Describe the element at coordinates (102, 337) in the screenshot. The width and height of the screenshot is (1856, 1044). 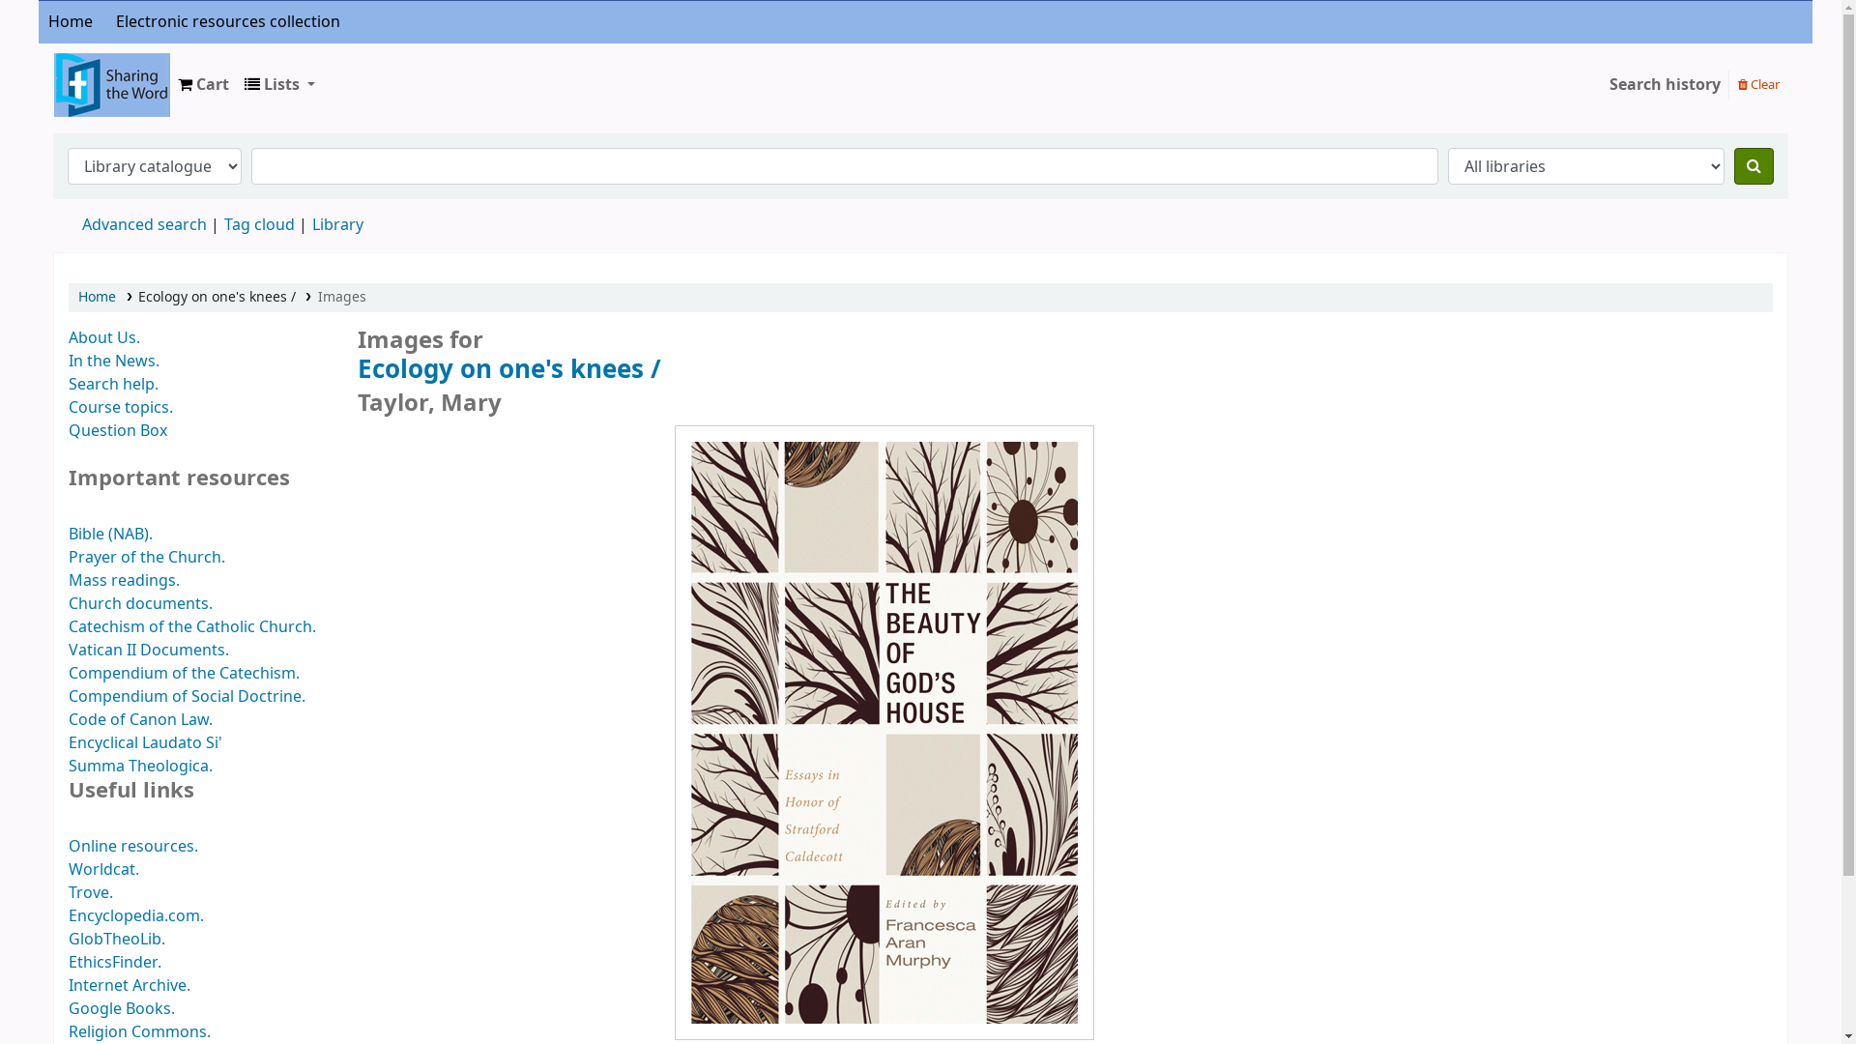
I see `'About Us.'` at that location.